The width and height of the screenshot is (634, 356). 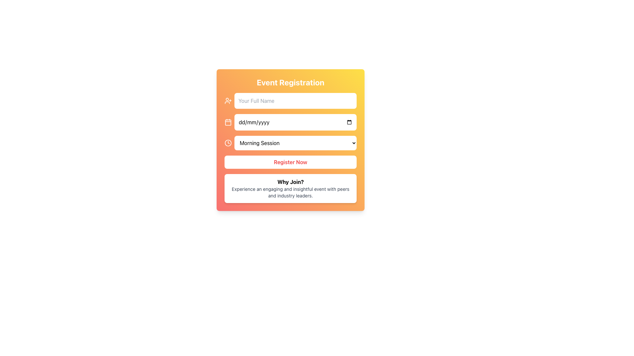 I want to click on the decorative icon indicating the name input field in the registration form, located to the left of the 'Your Full Name' text input, so click(x=228, y=101).